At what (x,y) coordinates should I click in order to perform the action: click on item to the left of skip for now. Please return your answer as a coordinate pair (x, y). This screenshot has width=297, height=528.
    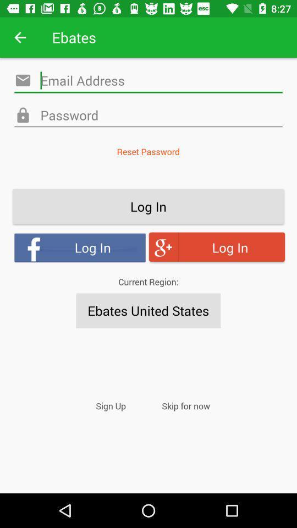
    Looking at the image, I should click on (111, 405).